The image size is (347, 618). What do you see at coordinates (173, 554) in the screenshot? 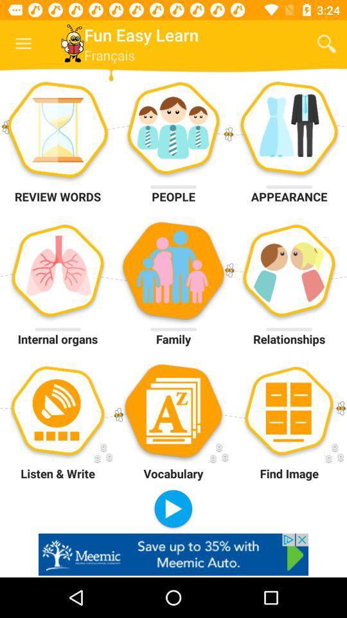
I see `advertisement for meemic auto` at bounding box center [173, 554].